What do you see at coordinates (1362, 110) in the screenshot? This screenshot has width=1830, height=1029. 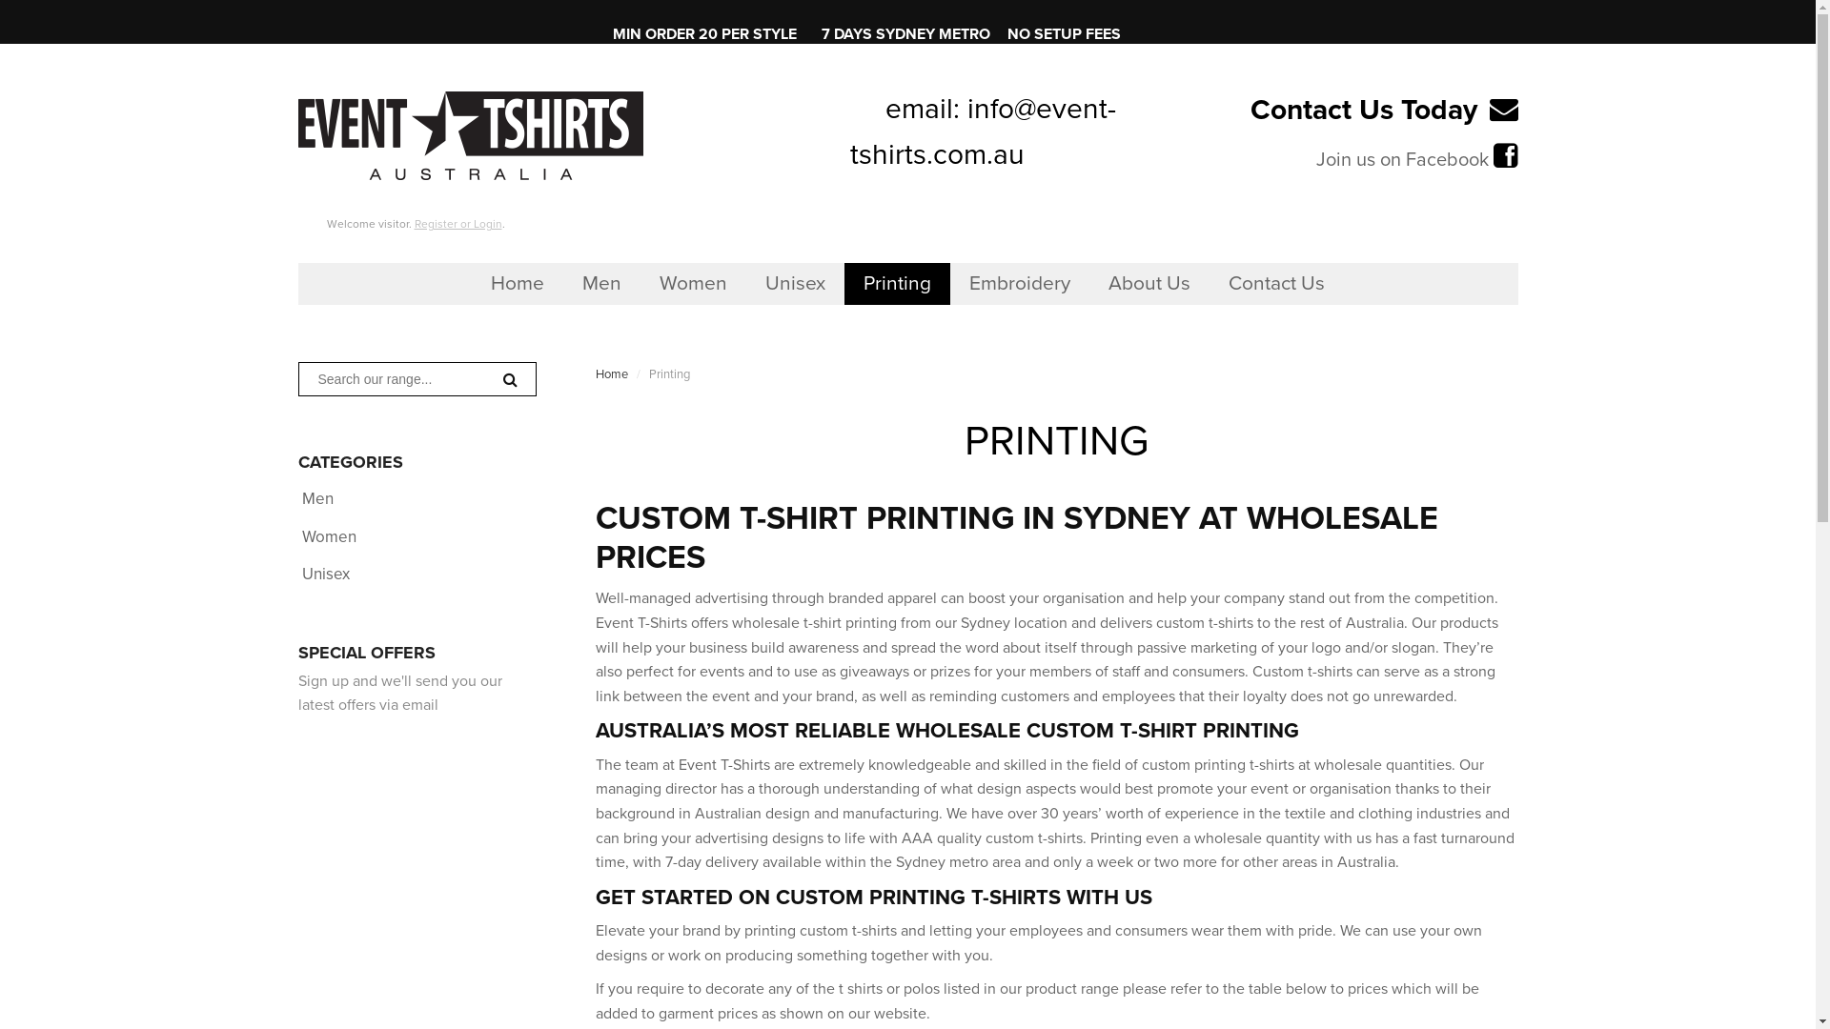 I see `'Contact Us Today'` at bounding box center [1362, 110].